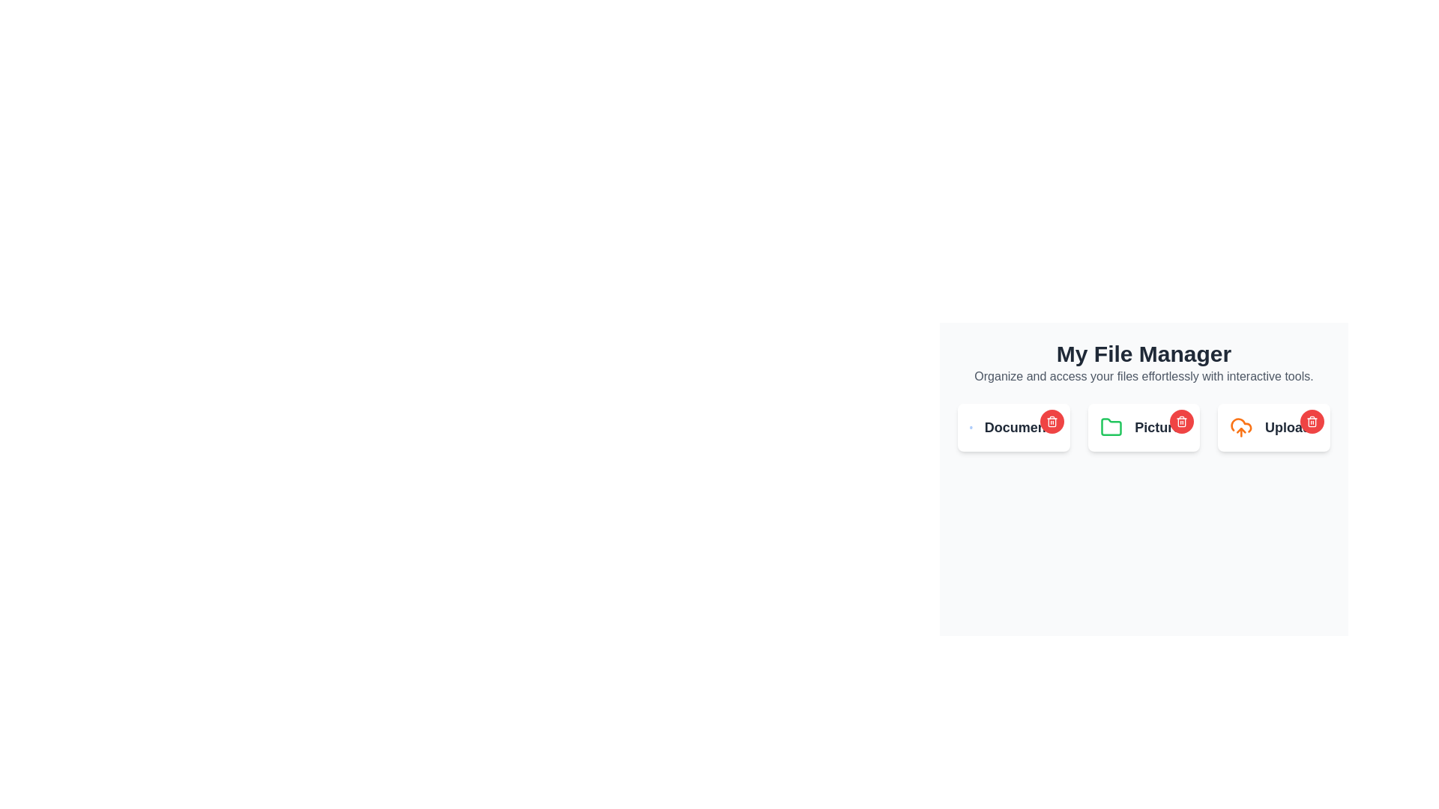  Describe the element at coordinates (1143, 427) in the screenshot. I see `the second card in the grid under 'My File Manager'` at that location.